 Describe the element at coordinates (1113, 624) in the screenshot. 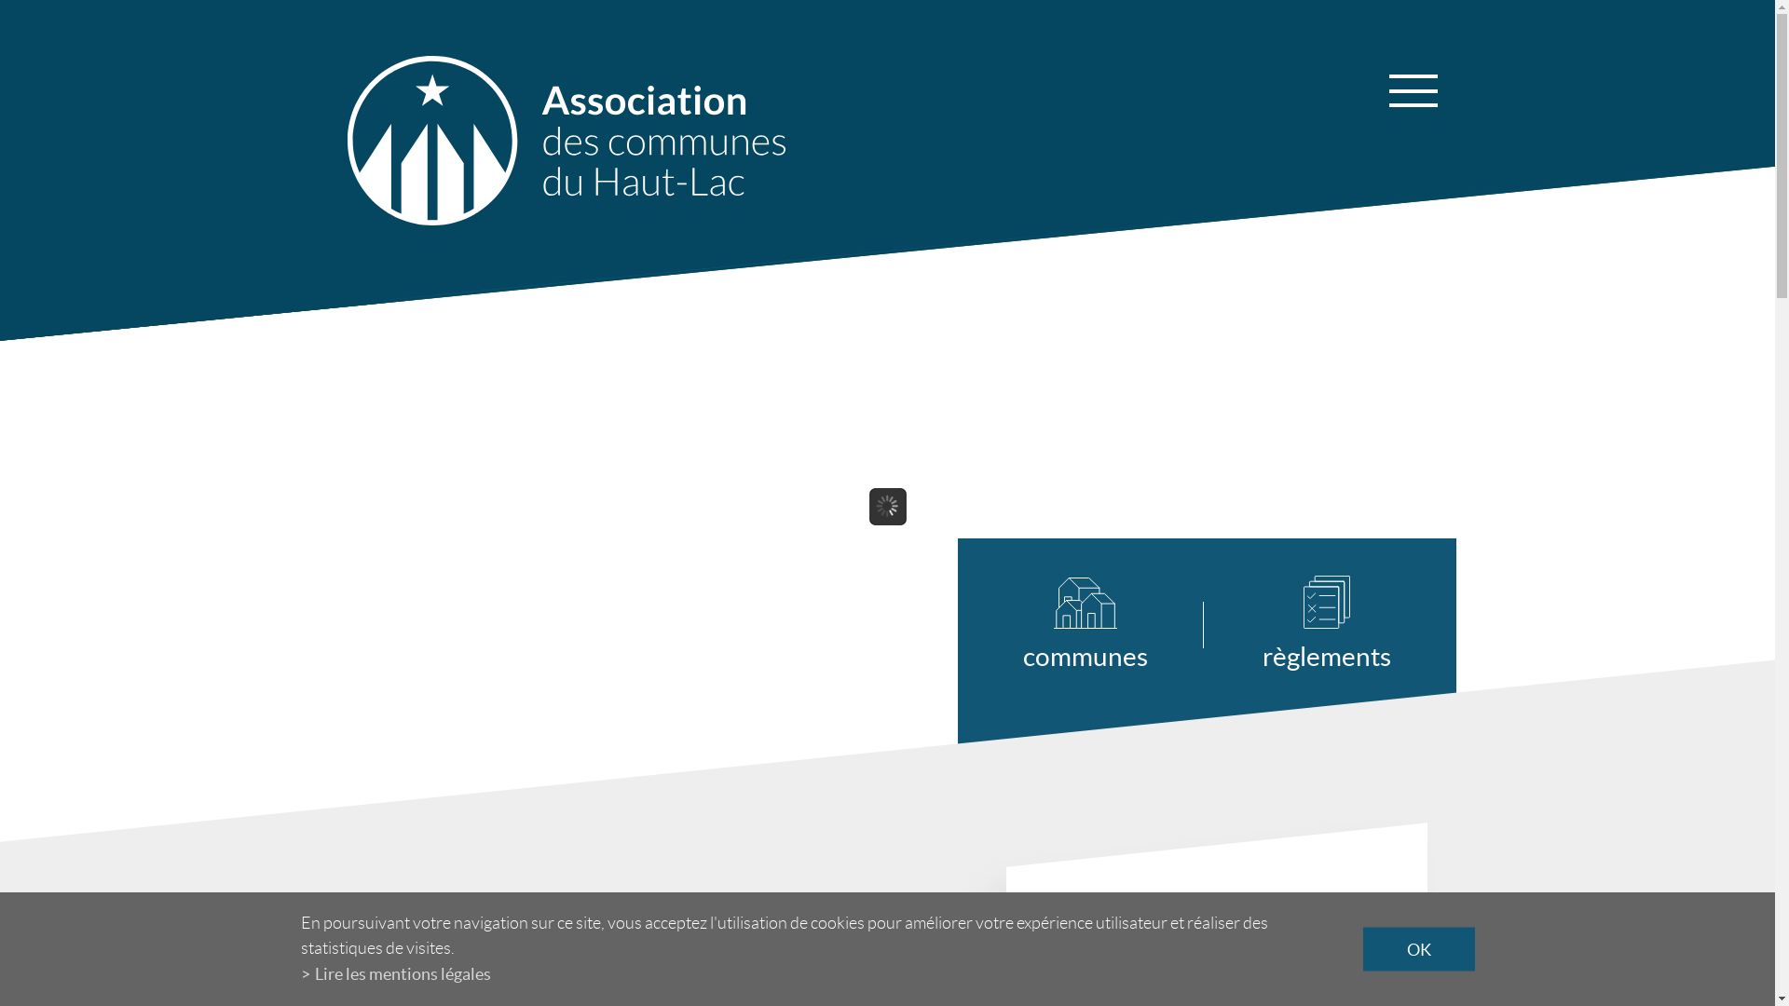

I see `'communes'` at that location.